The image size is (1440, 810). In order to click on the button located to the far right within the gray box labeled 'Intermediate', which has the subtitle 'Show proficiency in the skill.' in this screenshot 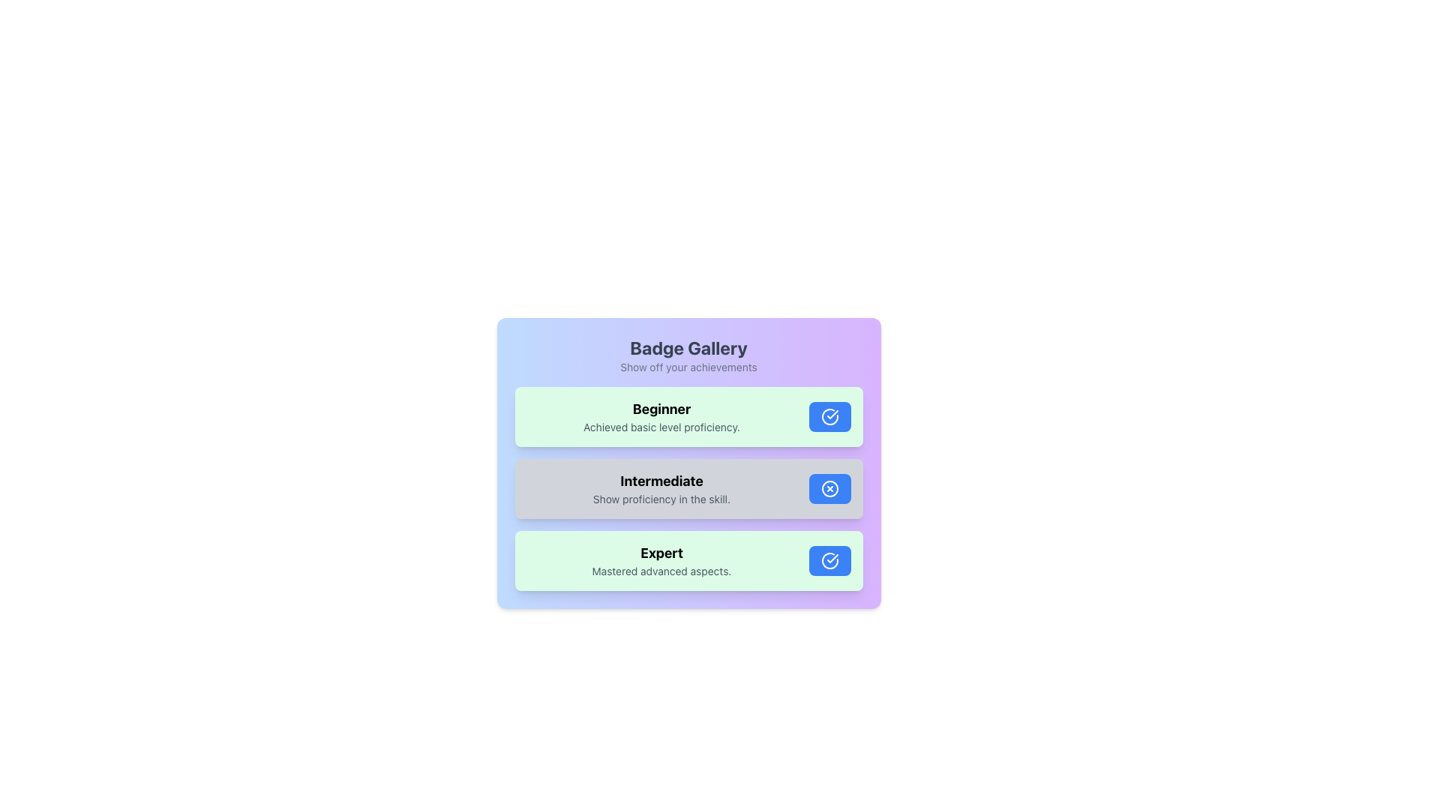, I will do `click(829, 488)`.